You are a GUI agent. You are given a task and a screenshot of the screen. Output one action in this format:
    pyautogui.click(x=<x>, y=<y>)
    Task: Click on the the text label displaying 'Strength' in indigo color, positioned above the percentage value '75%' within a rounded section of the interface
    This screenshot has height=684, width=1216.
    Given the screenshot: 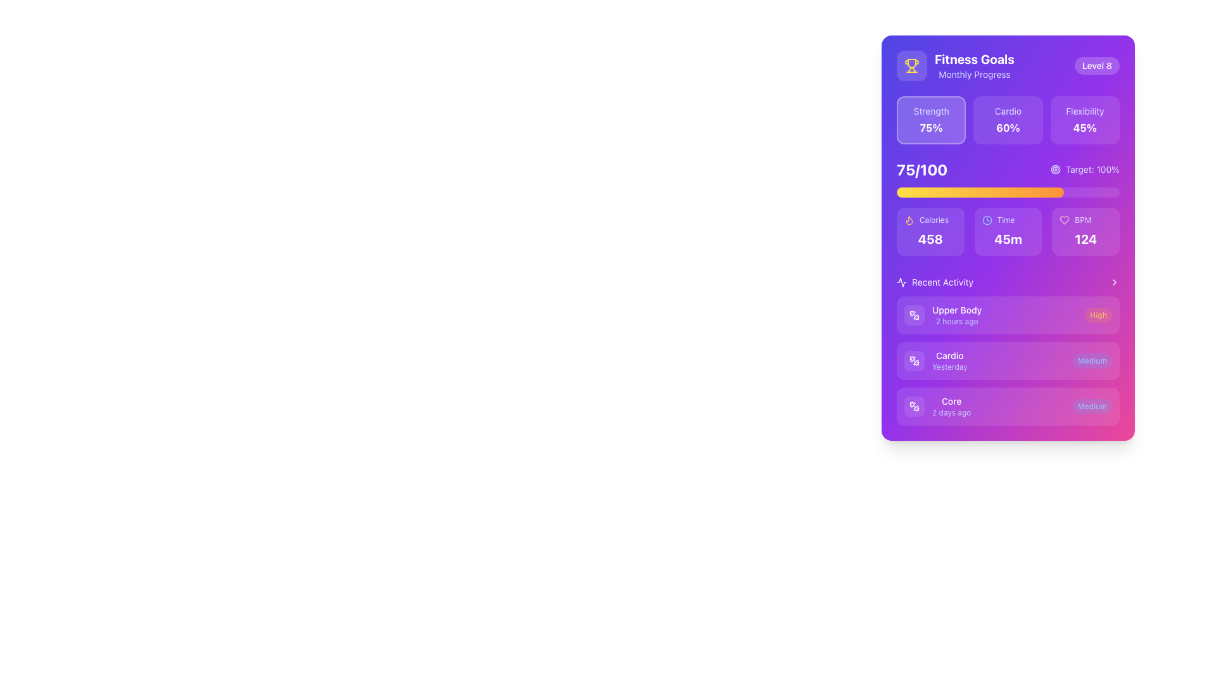 What is the action you would take?
    pyautogui.click(x=931, y=111)
    